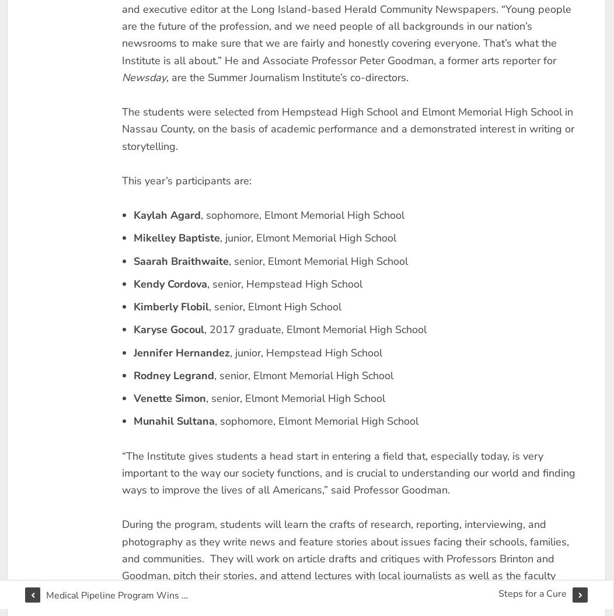  Describe the element at coordinates (347, 128) in the screenshot. I see `'The students were selected from Hempstead High School and Elmont Memorial High School in Nassau County, on the basis of academic performance and a demonstrated interest in writing or storytelling.'` at that location.